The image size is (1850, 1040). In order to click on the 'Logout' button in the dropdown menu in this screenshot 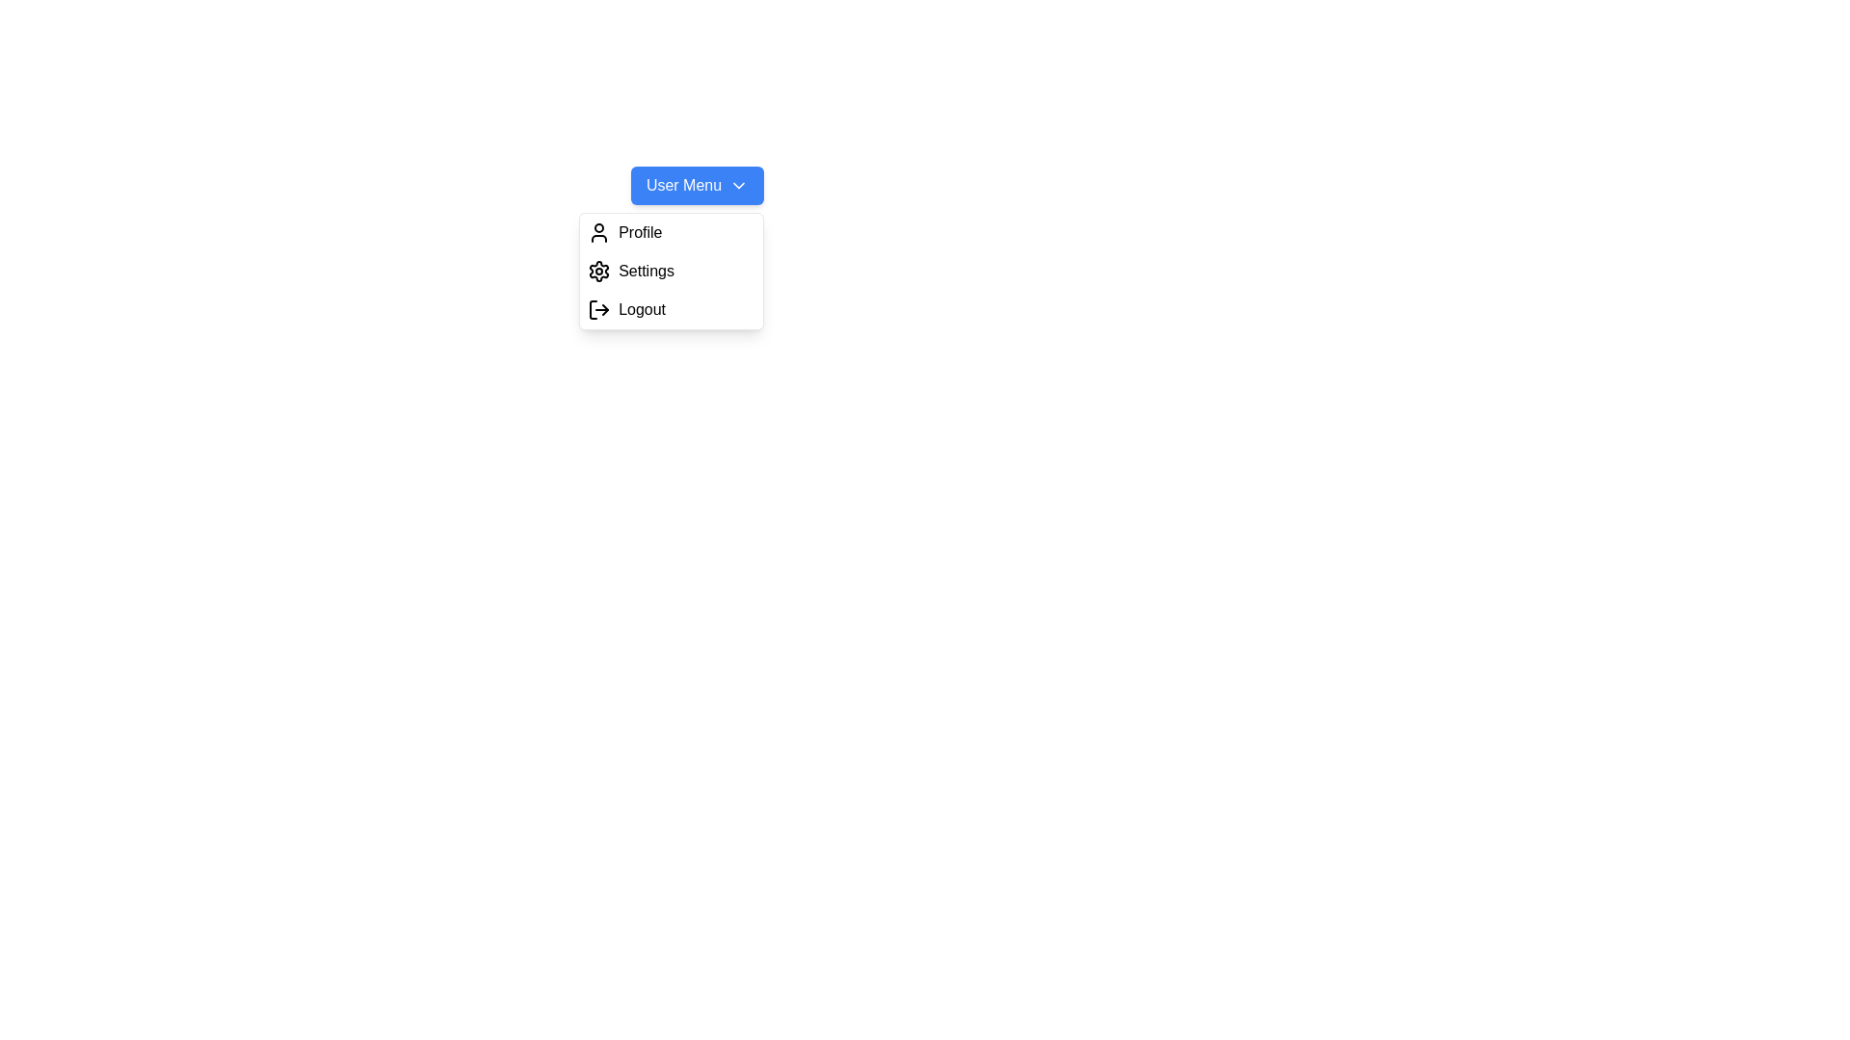, I will do `click(672, 308)`.